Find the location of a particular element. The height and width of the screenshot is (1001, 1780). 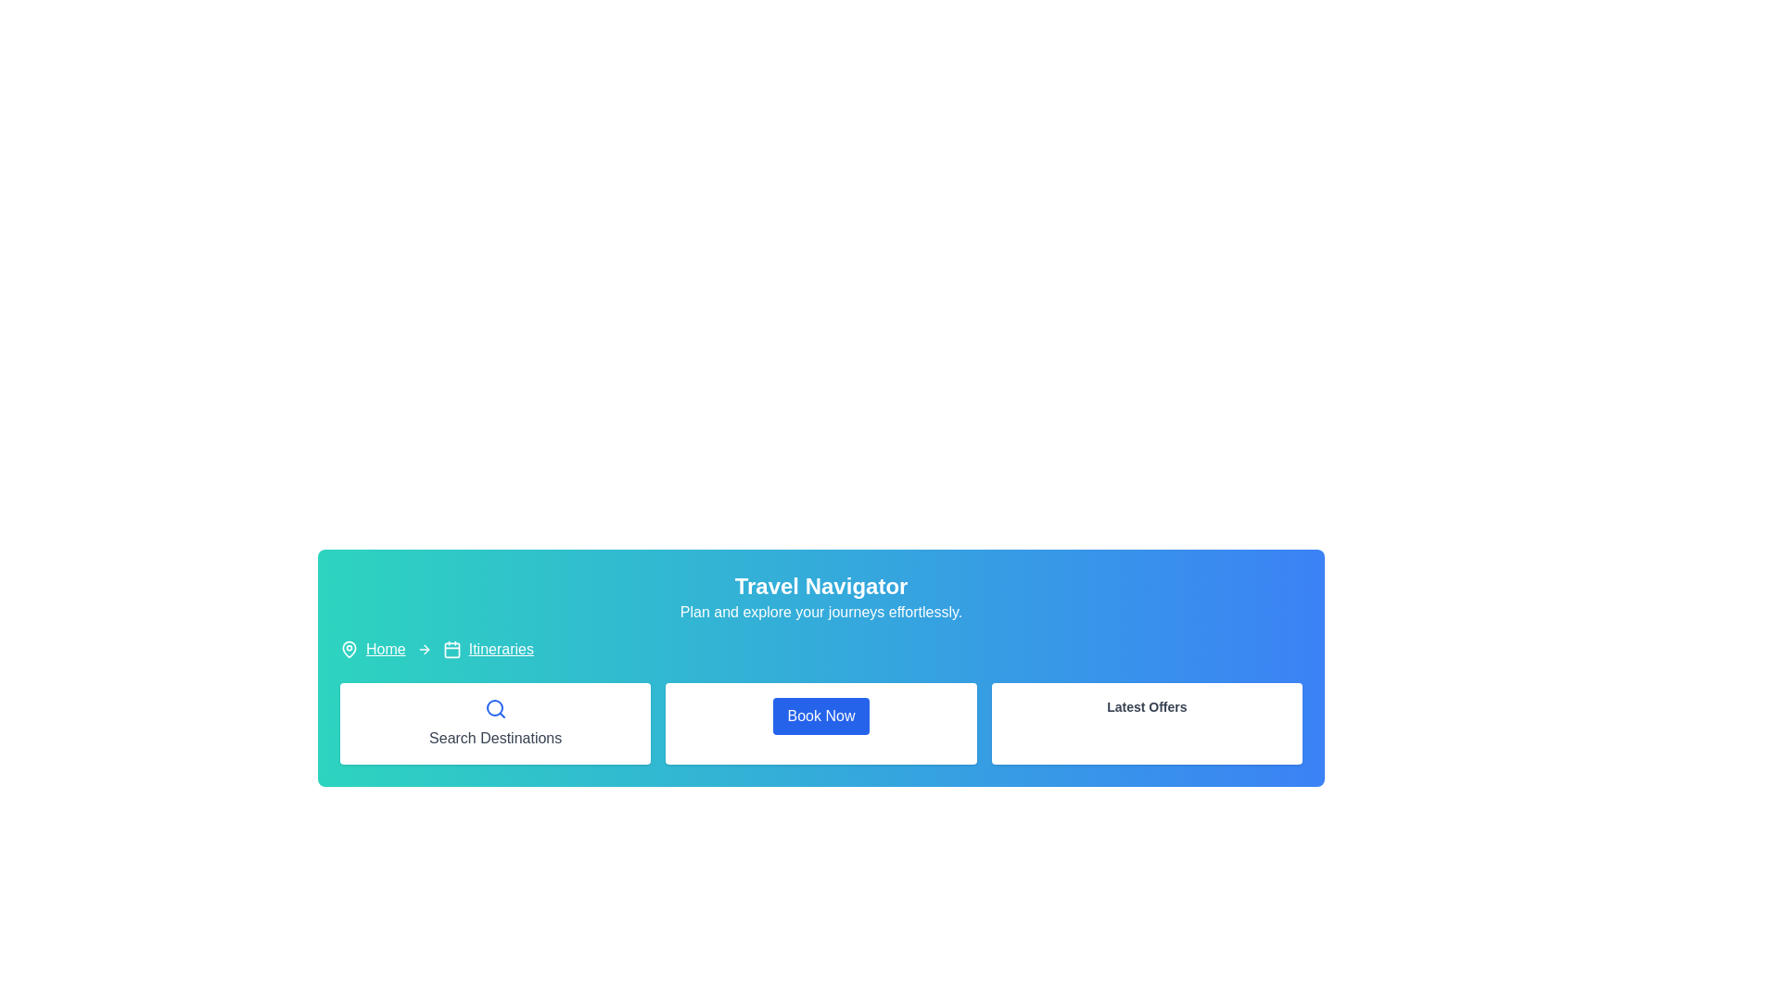

the static decorative graphic within the calendar icon located next to the text 'Itineraries' in the navigation bar is located at coordinates (451, 649).